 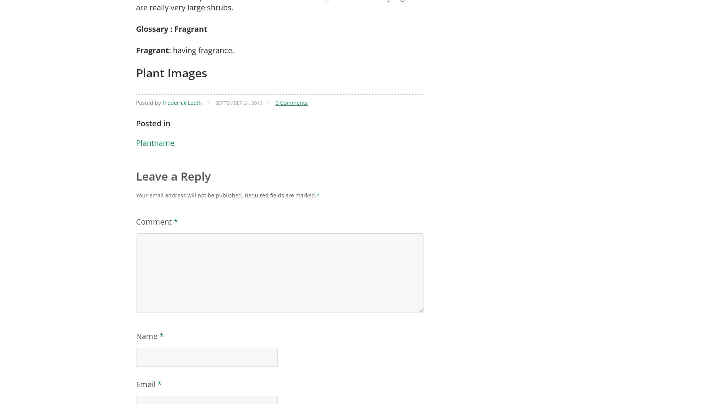 What do you see at coordinates (136, 49) in the screenshot?
I see `'Fragrant'` at bounding box center [136, 49].